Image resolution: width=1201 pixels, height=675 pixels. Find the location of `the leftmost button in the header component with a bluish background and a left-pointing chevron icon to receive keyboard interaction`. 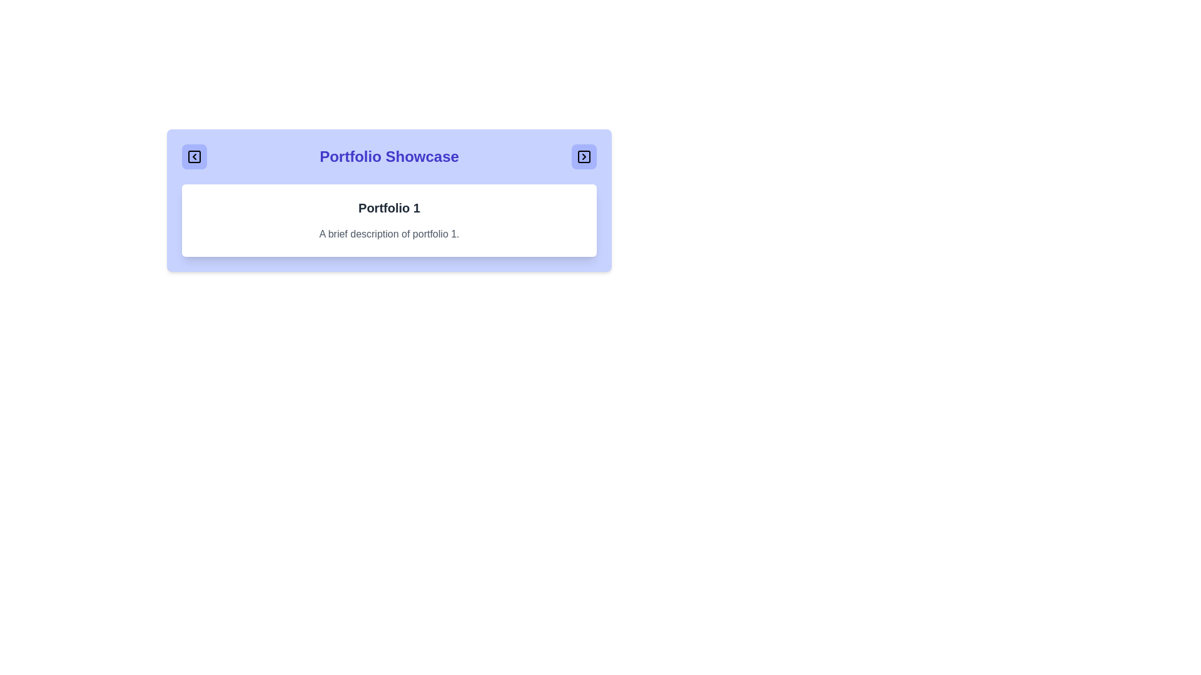

the leftmost button in the header component with a bluish background and a left-pointing chevron icon to receive keyboard interaction is located at coordinates (194, 156).